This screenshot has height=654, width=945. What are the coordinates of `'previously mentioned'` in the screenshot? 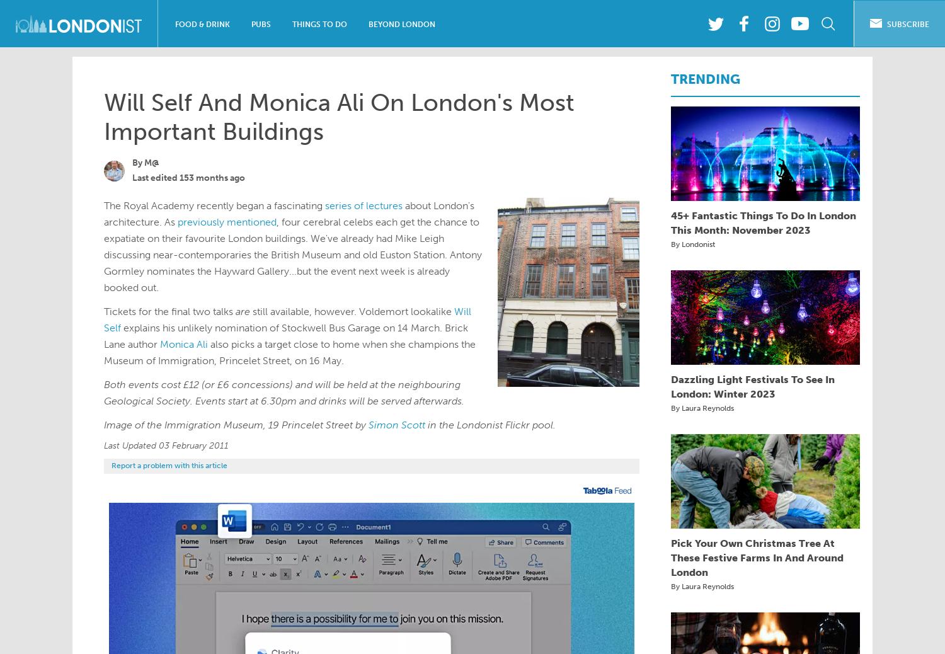 It's located at (226, 222).